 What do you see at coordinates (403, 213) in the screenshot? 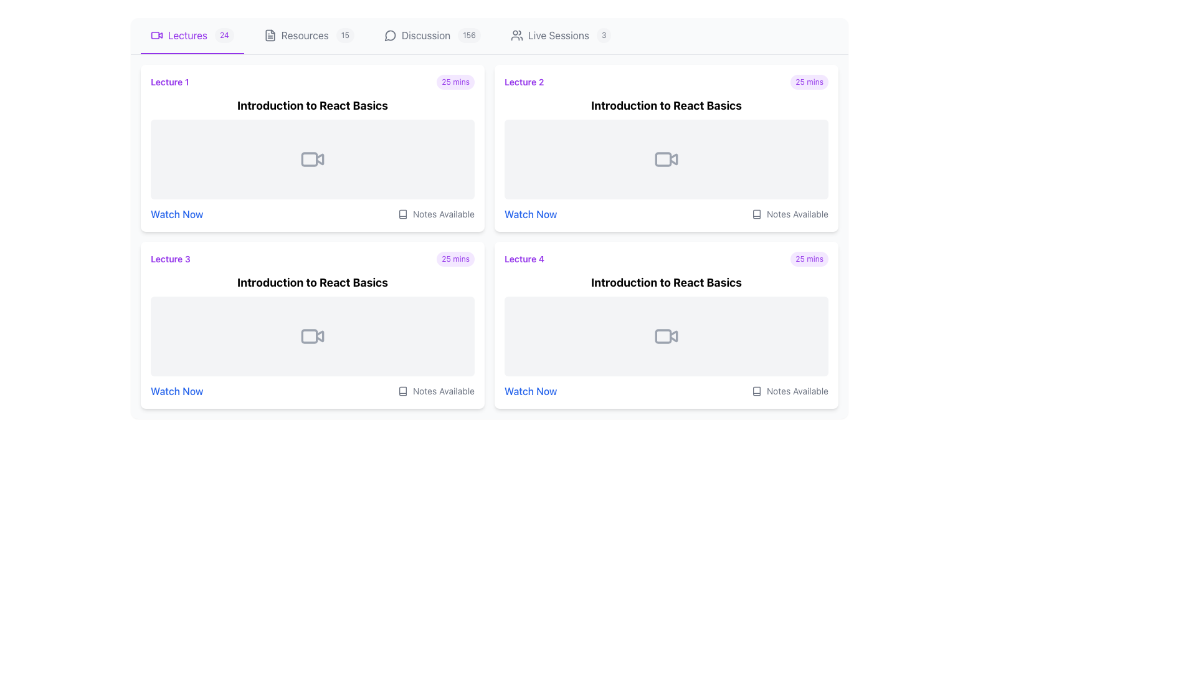
I see `the 'Resource' SVG-based icon located in the navigation bar, situated between the 'Discussion' and 'Live Sessions' headers` at bounding box center [403, 213].